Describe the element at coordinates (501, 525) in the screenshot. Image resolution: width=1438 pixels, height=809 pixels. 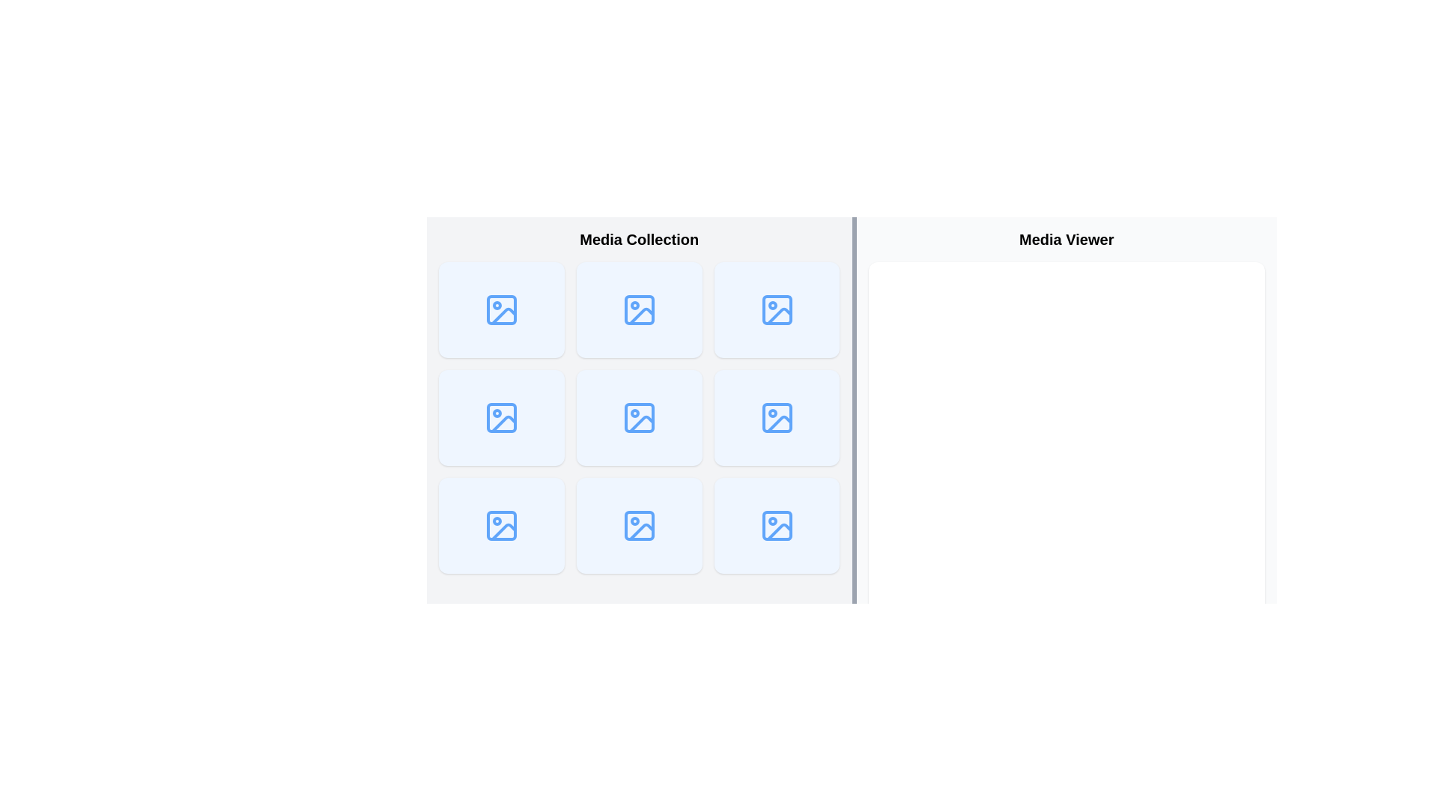
I see `the selectable tile with a light blue background and a centered picture frame icon located at the bottom-left corner of a 3x3 grid` at that location.